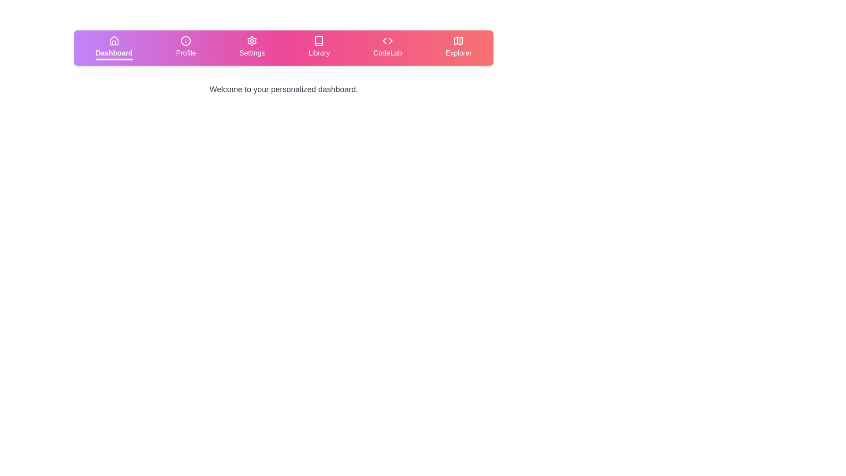  Describe the element at coordinates (251, 48) in the screenshot. I see `the tab labeled Settings to observe the visual feedback` at that location.